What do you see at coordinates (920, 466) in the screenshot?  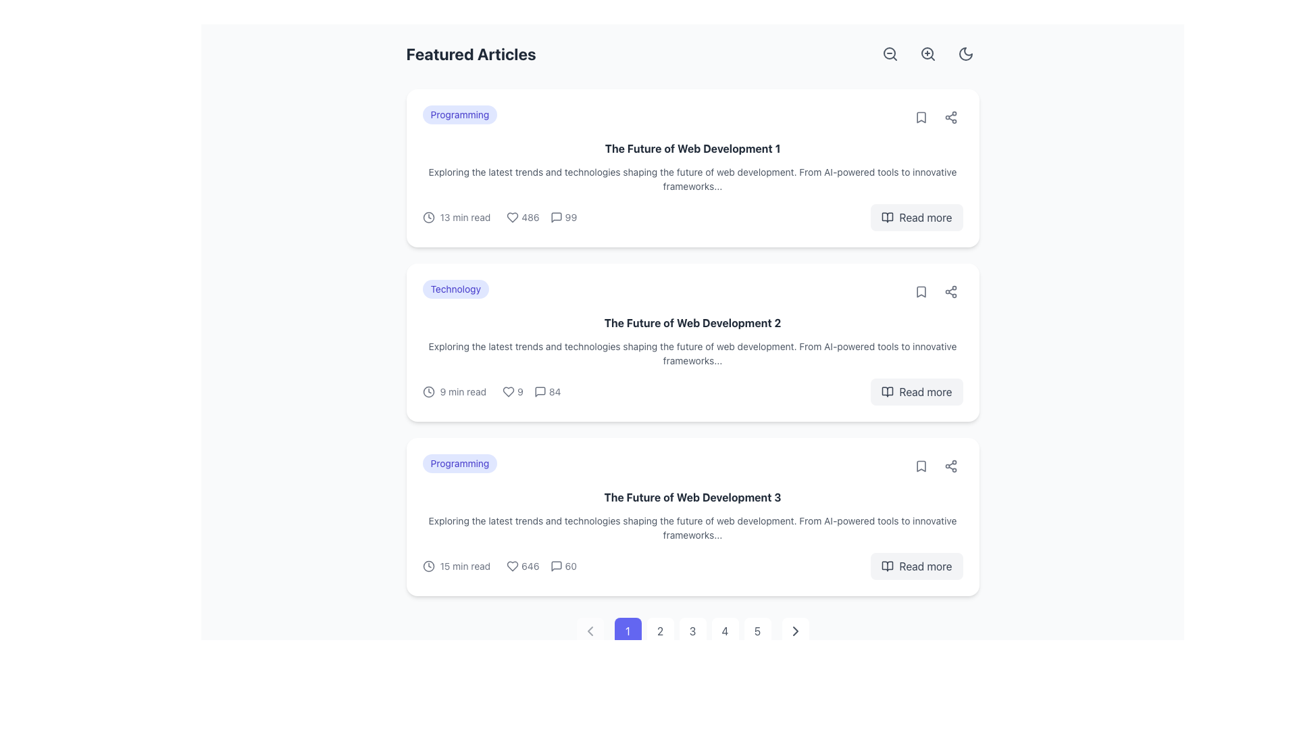 I see `the SVG bookmark shape icon located on the right side of the bottom card in a vertically stacked list` at bounding box center [920, 466].